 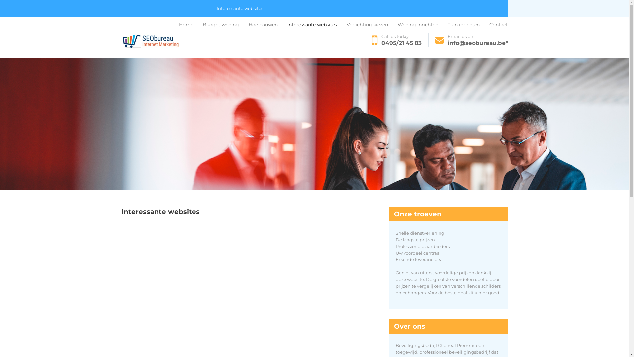 I want to click on 'Home', so click(x=130, y=24).